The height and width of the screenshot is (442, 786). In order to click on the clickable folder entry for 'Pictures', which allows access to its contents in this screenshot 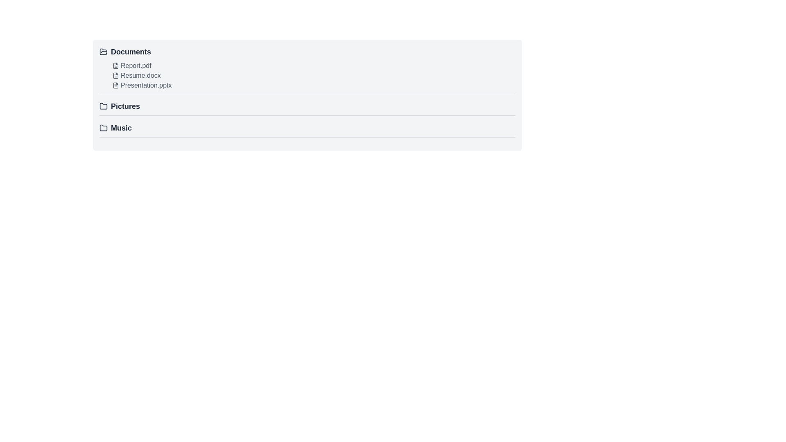, I will do `click(119, 106)`.